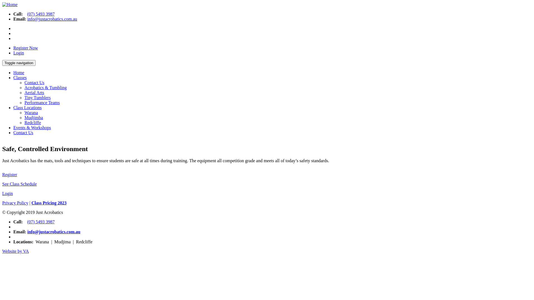 This screenshot has width=534, height=300. I want to click on 'Website by VA', so click(16, 251).